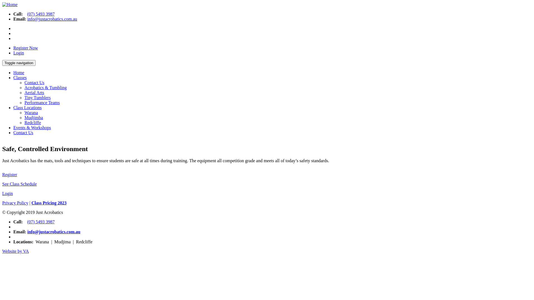 This screenshot has width=534, height=300. I want to click on 'Website by VA', so click(16, 251).